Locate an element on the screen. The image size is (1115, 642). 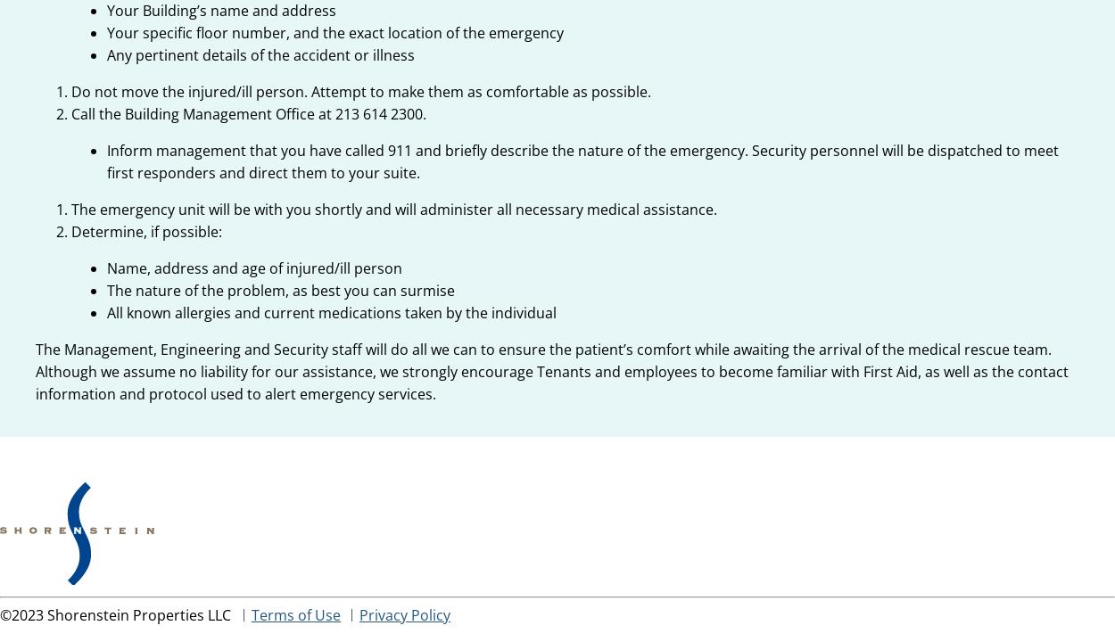
'Your Building’s name and address' is located at coordinates (106, 11).